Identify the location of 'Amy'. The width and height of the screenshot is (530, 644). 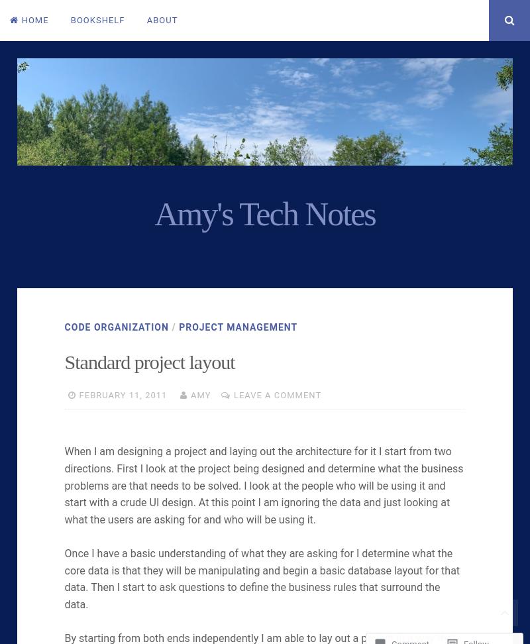
(200, 394).